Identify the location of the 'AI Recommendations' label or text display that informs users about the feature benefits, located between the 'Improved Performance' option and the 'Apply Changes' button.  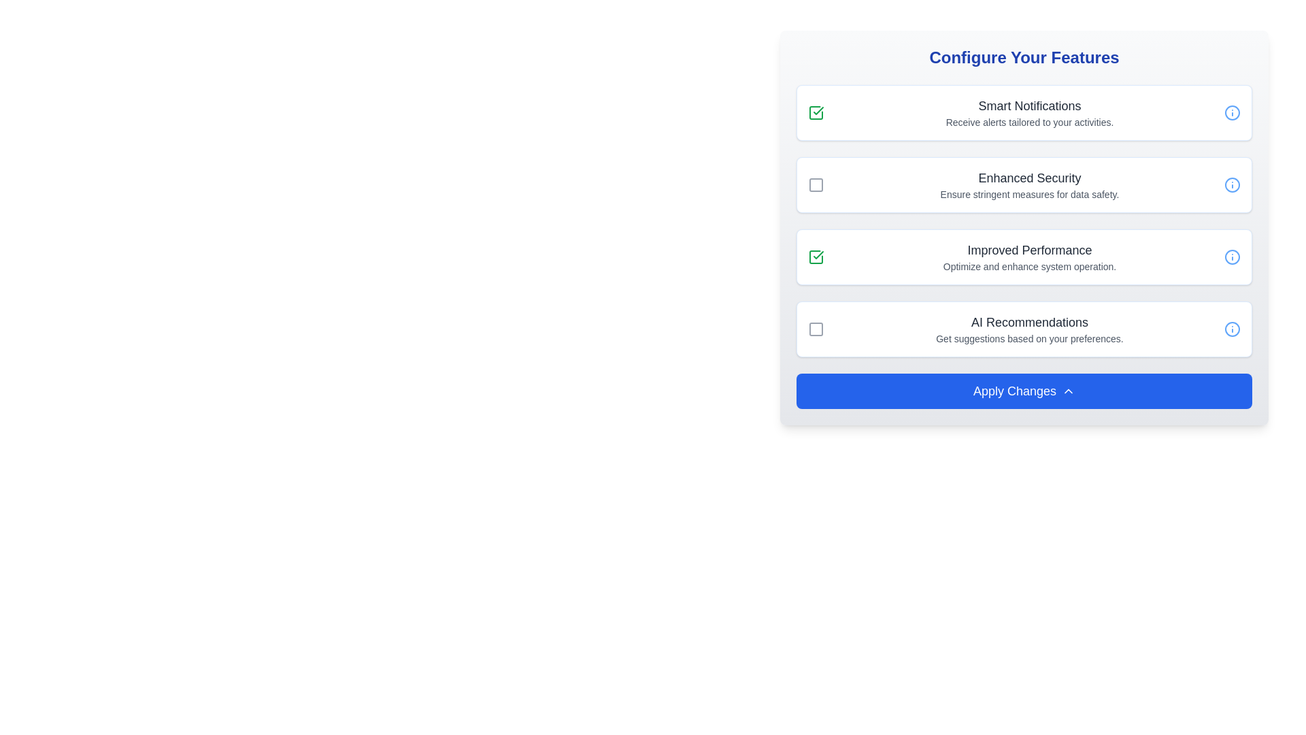
(1029, 329).